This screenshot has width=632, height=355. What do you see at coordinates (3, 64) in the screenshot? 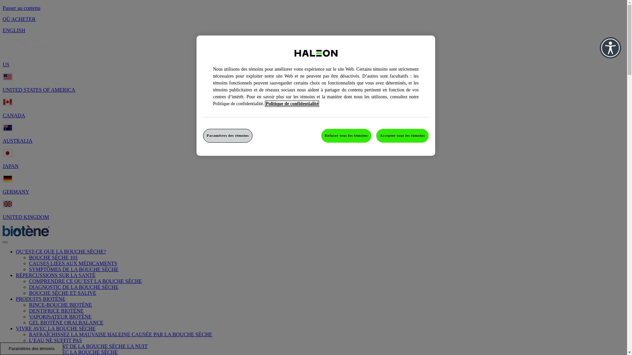
I see `'US'` at bounding box center [3, 64].